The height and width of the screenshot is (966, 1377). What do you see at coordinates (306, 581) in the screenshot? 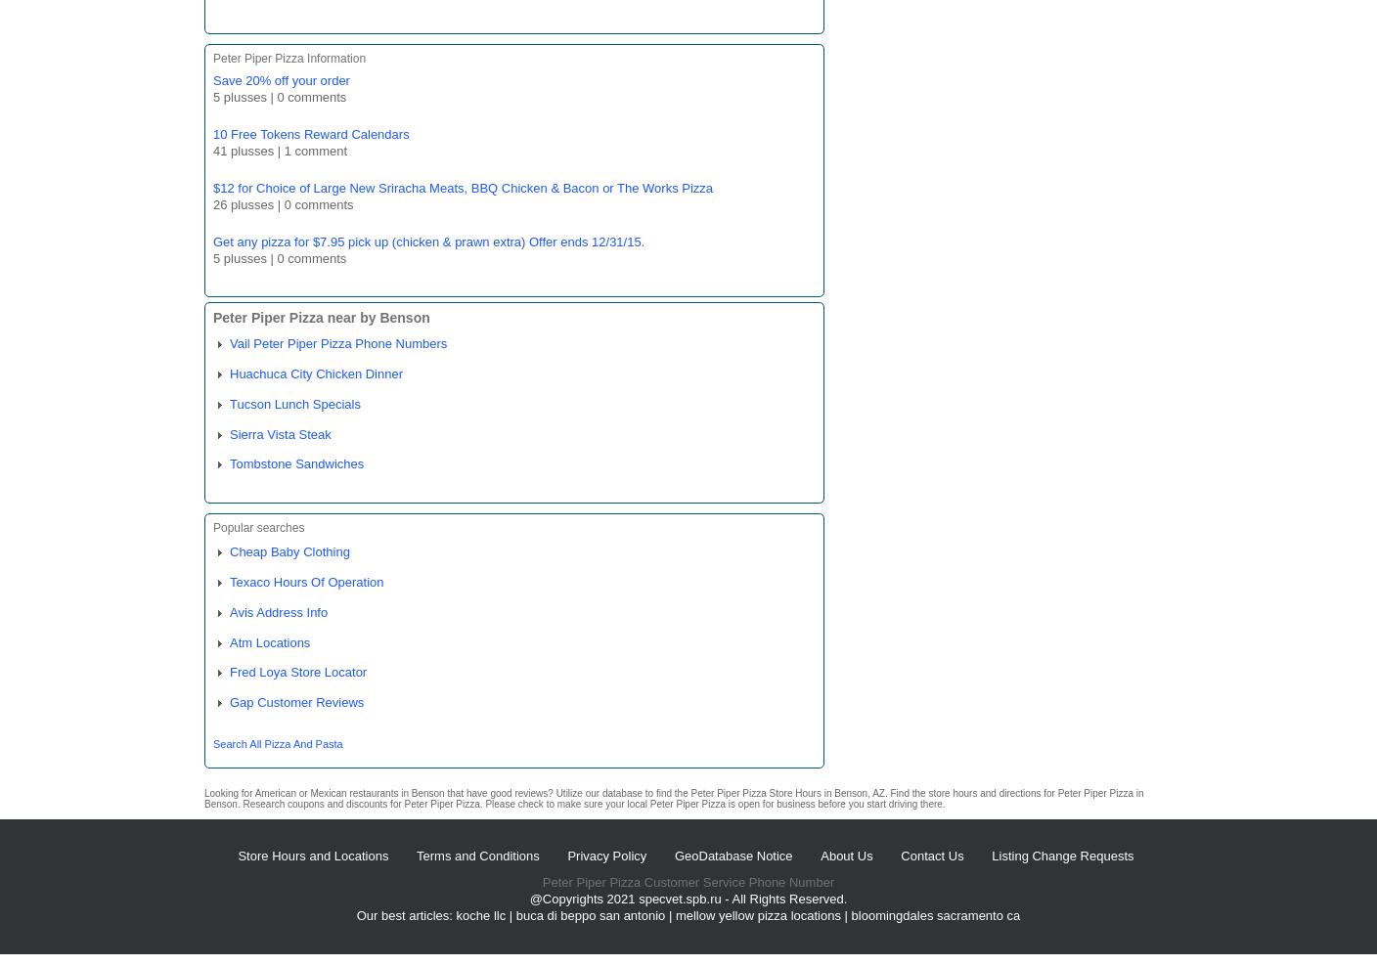
I see `'Texaco Hours Of Operation'` at bounding box center [306, 581].